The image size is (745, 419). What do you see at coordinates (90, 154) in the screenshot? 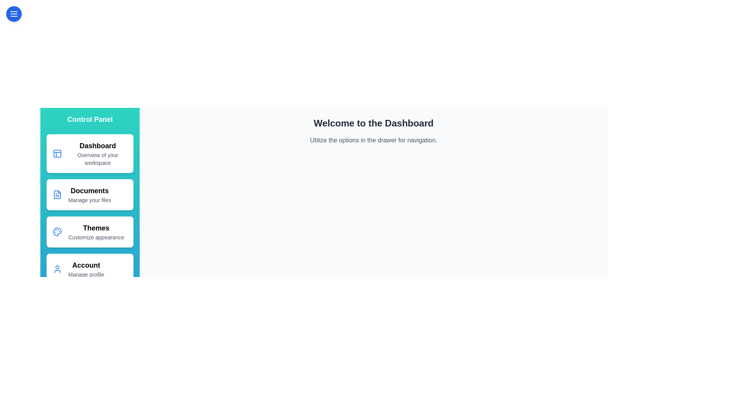
I see `the drawer option corresponding to Dashboard to navigate to that section` at bounding box center [90, 154].